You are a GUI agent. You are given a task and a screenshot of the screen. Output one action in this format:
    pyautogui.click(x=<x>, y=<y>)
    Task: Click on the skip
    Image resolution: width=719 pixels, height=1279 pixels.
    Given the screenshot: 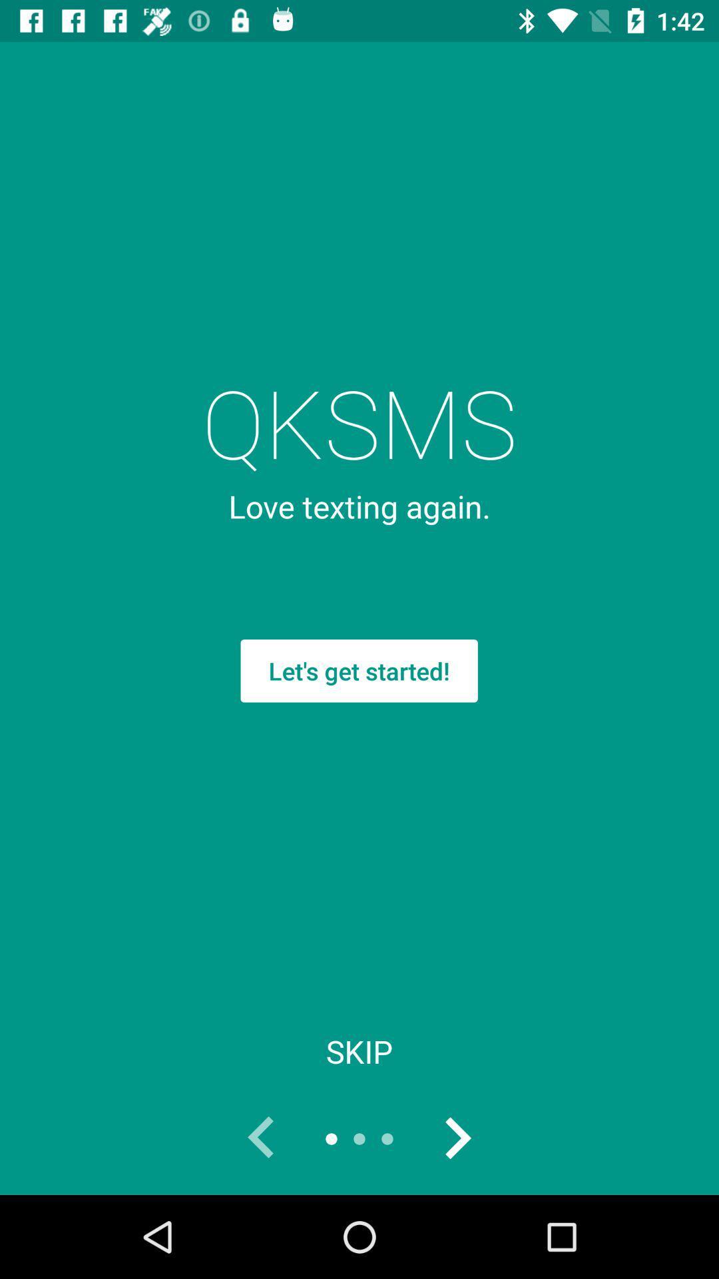 What is the action you would take?
    pyautogui.click(x=359, y=1051)
    